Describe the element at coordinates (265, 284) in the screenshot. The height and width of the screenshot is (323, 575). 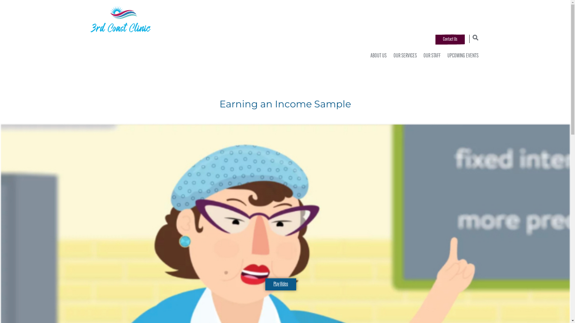
I see `'Play Video'` at that location.